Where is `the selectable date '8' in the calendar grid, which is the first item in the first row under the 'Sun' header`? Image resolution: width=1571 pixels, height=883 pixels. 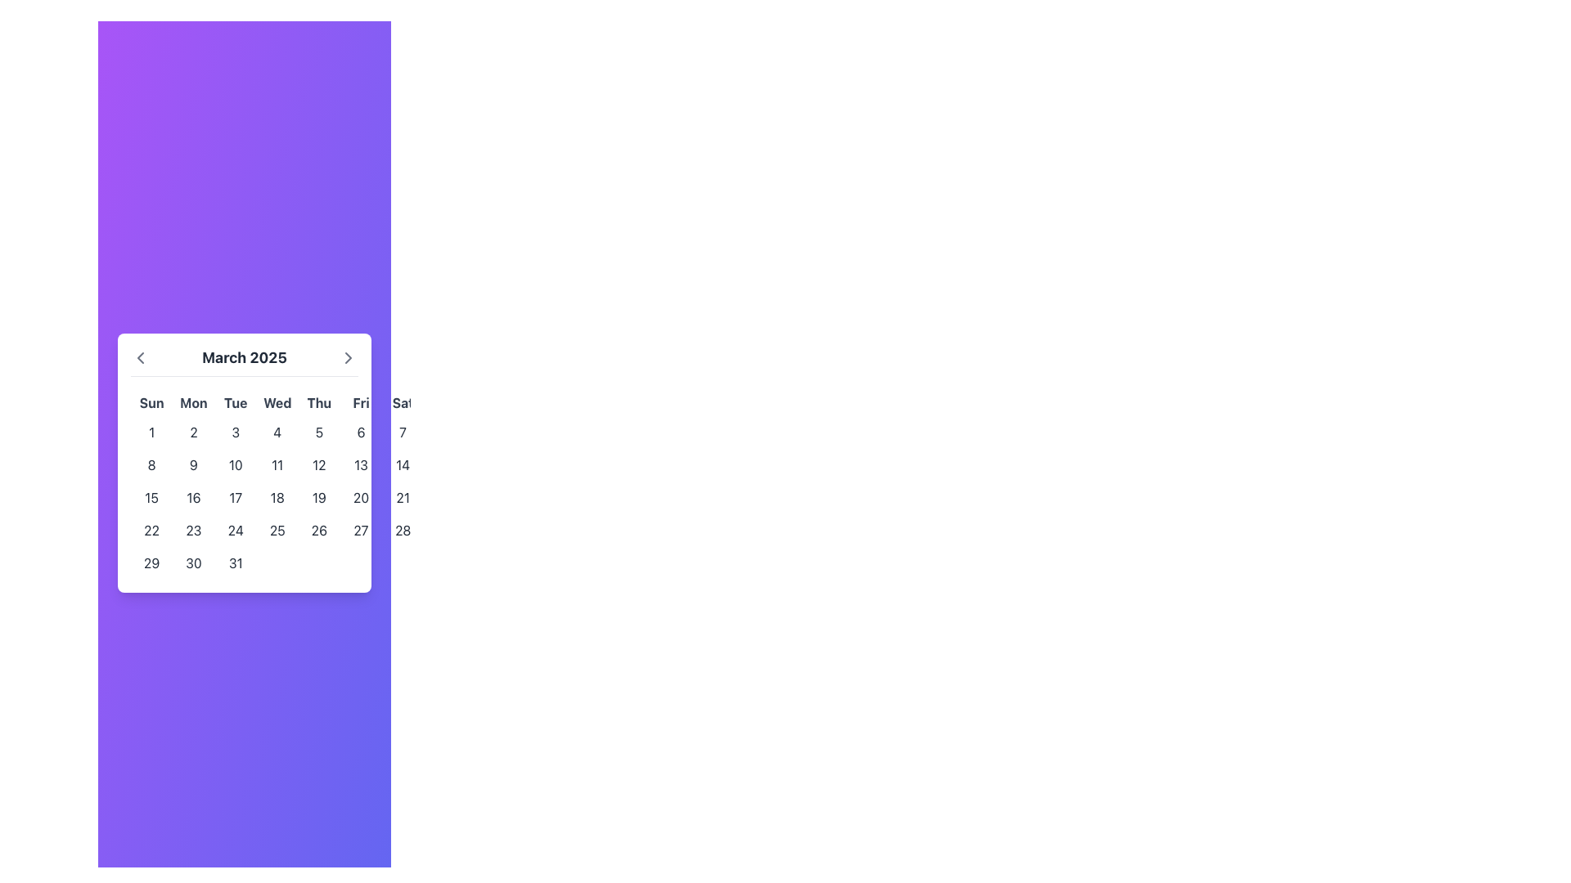
the selectable date '8' in the calendar grid, which is the first item in the first row under the 'Sun' header is located at coordinates (151, 464).